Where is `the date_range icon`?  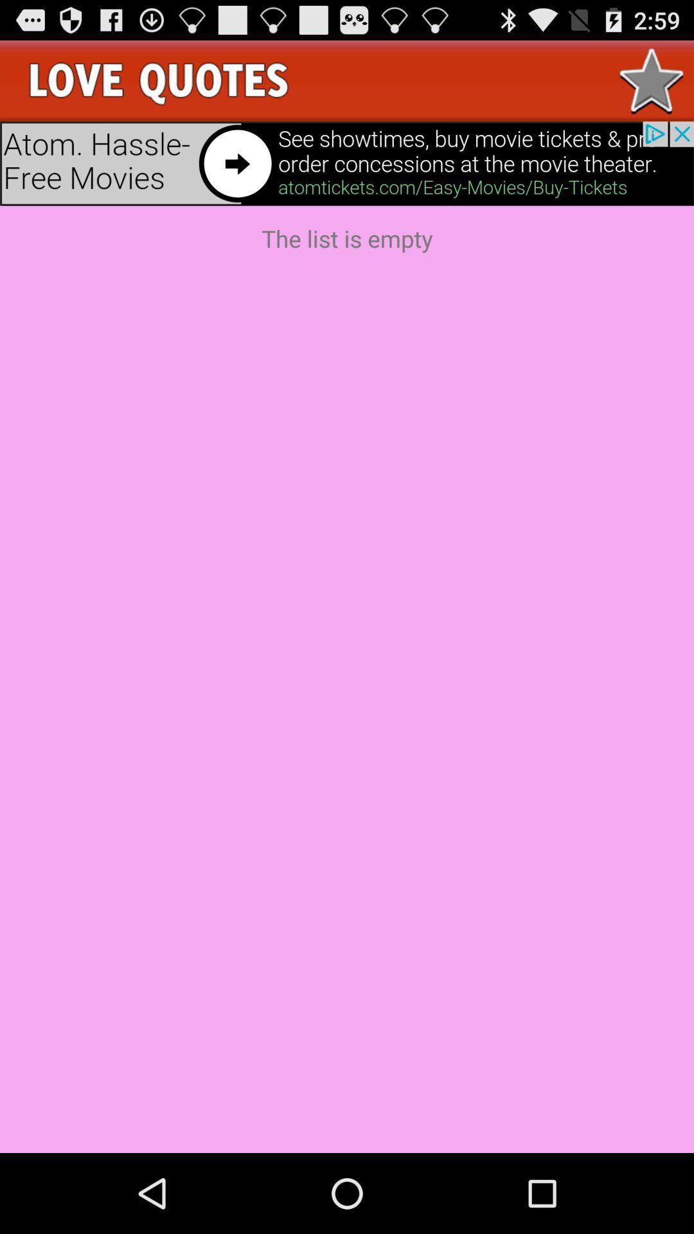
the date_range icon is located at coordinates (159, 85).